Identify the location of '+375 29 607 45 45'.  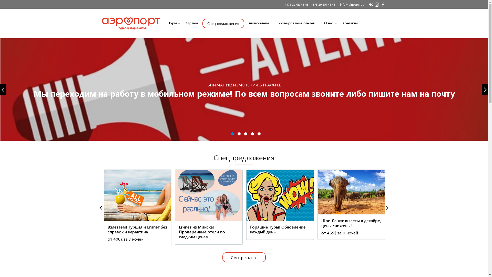
(322, 4).